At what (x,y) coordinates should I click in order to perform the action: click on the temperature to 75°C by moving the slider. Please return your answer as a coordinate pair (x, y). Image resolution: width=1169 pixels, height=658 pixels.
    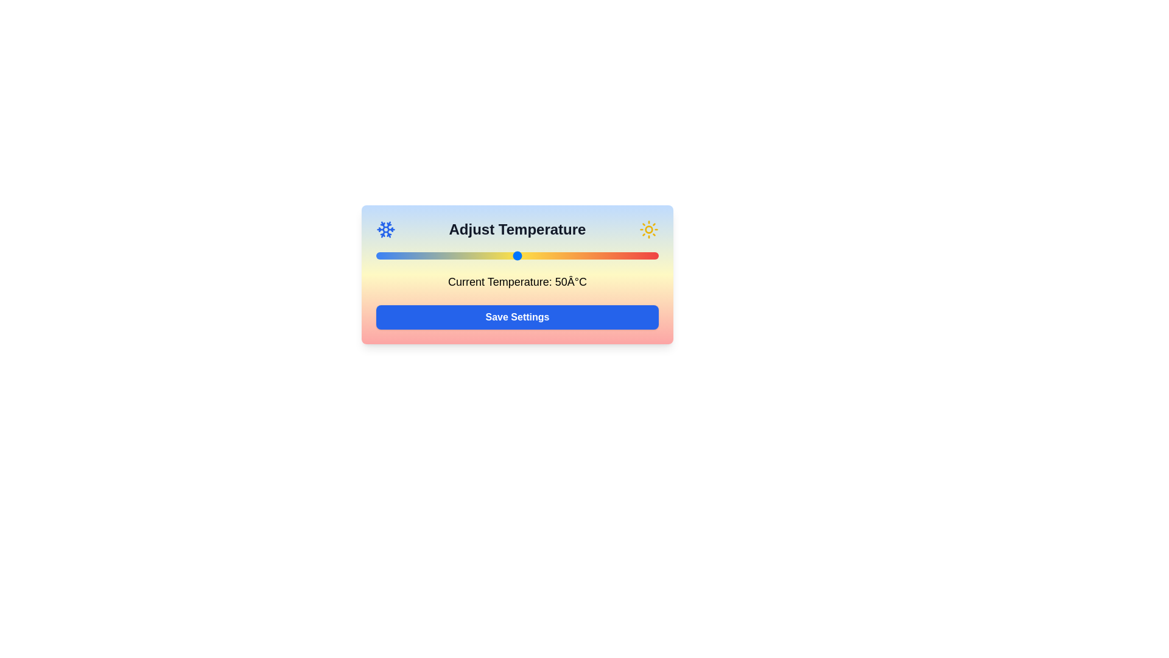
    Looking at the image, I should click on (588, 255).